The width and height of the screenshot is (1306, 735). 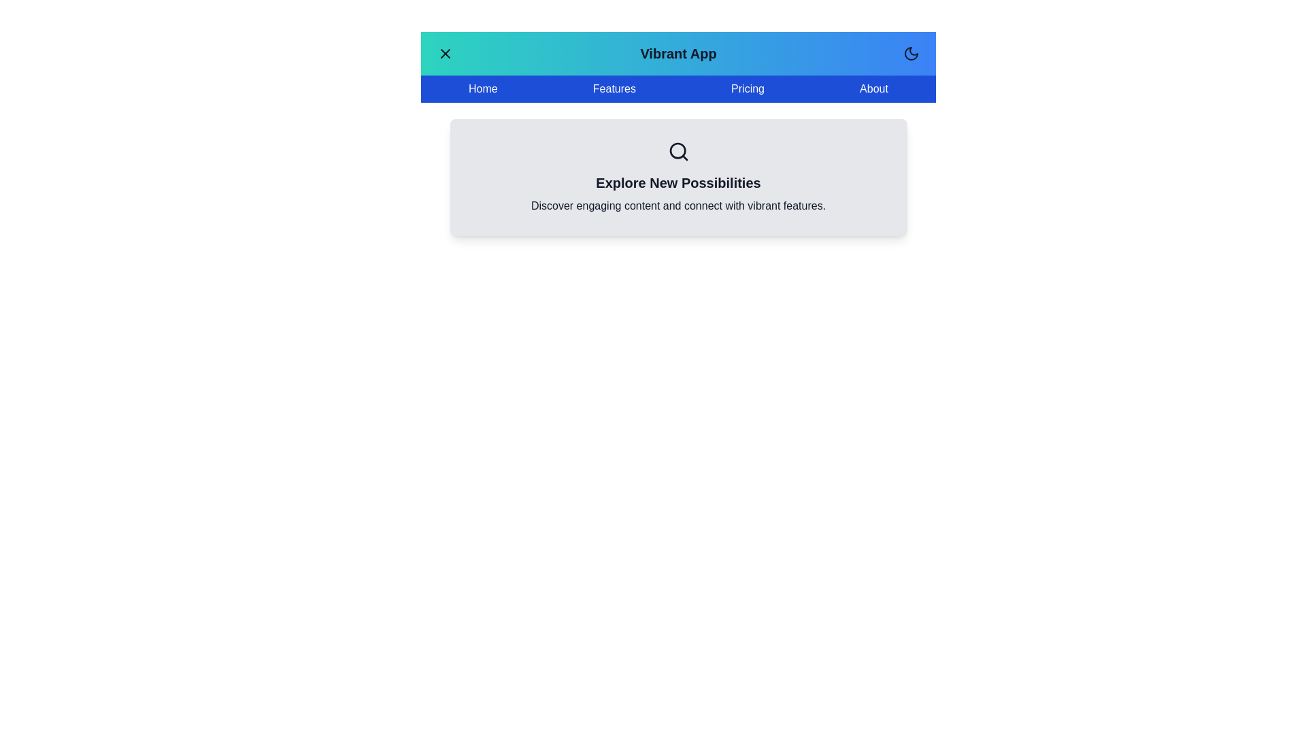 What do you see at coordinates (747, 89) in the screenshot?
I see `the menu item Pricing to navigate` at bounding box center [747, 89].